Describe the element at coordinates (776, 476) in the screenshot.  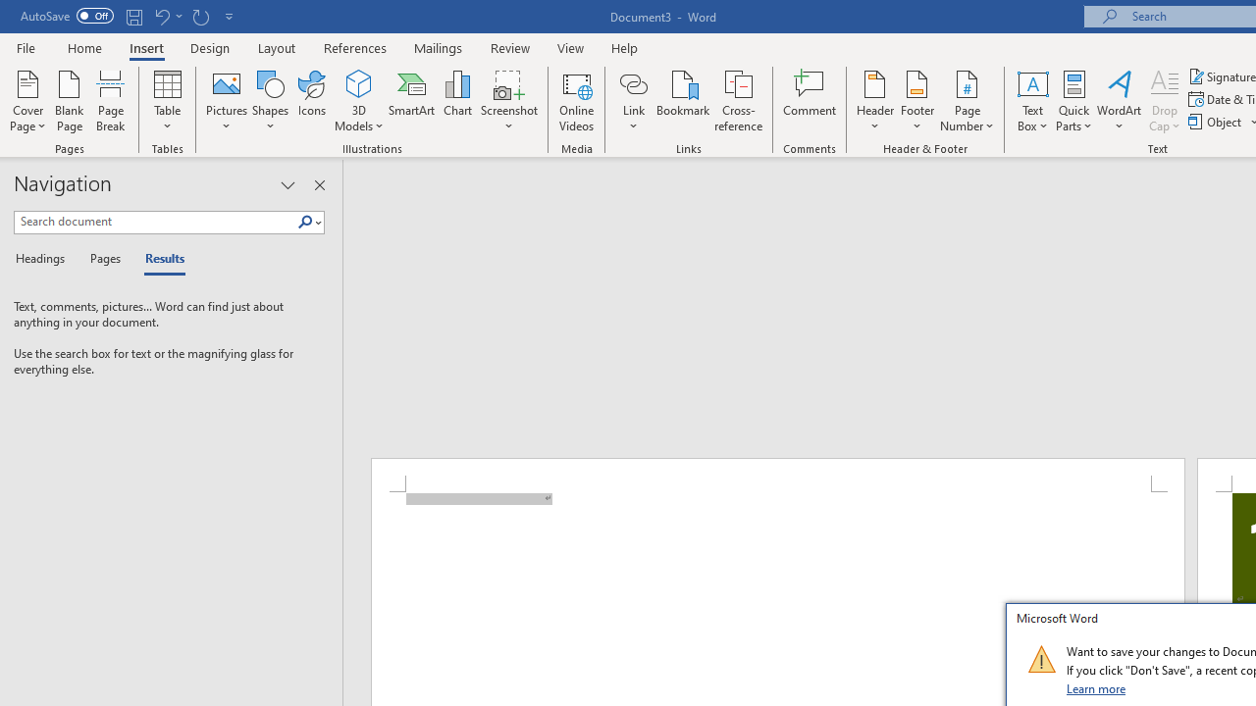
I see `'Header -Section 1-'` at that location.